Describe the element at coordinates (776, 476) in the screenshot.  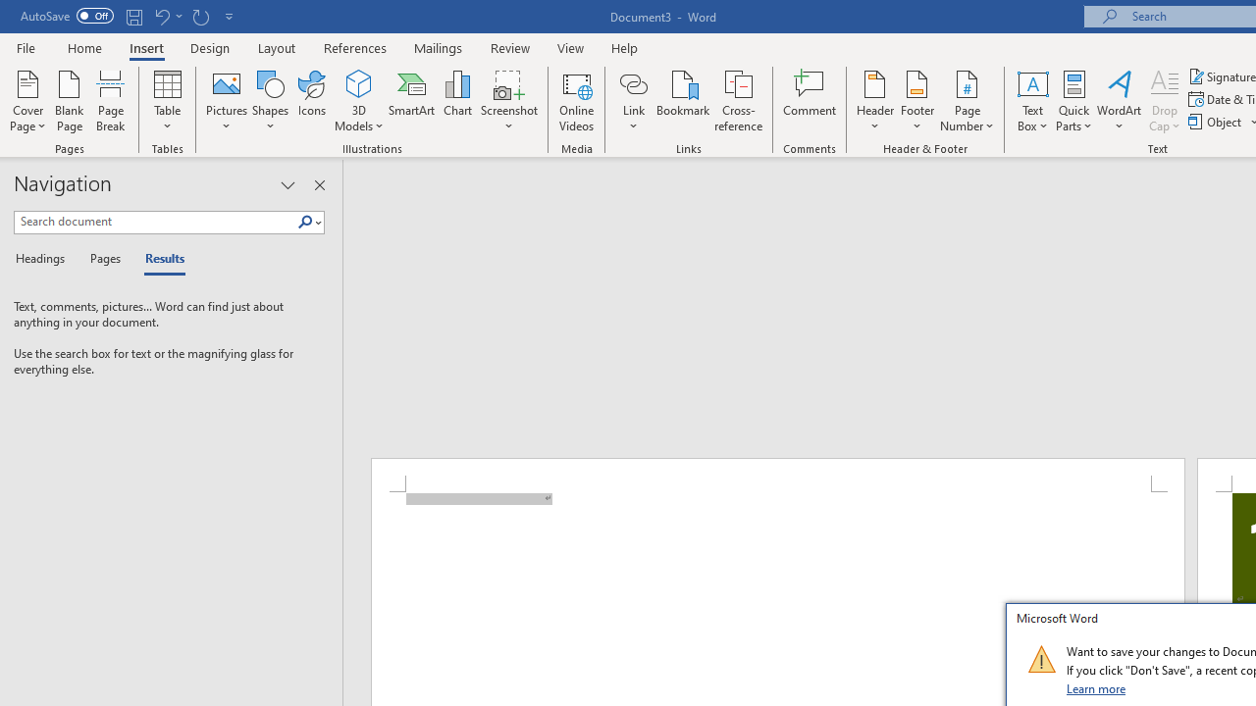
I see `'Header -Section 1-'` at that location.